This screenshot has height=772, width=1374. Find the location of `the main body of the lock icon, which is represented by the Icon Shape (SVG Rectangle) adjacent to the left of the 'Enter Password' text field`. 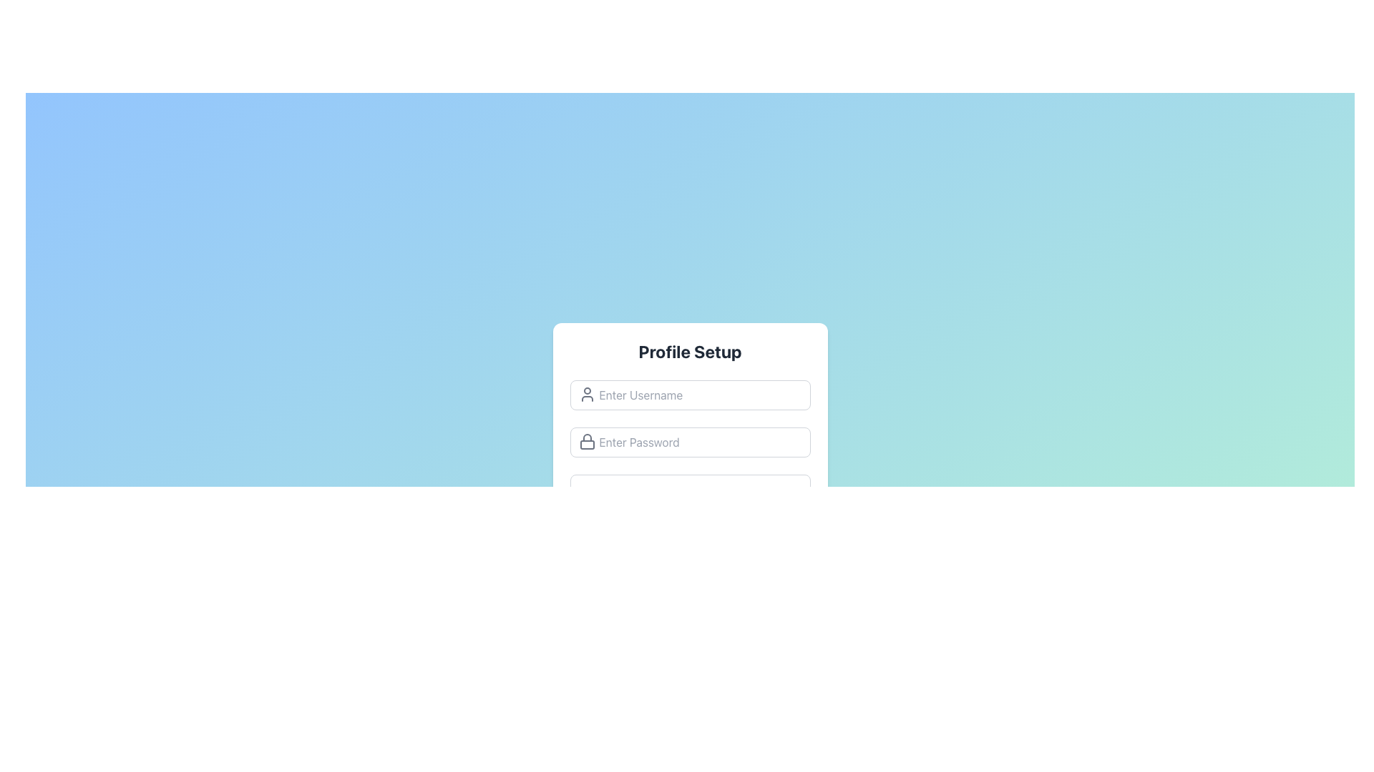

the main body of the lock icon, which is represented by the Icon Shape (SVG Rectangle) adjacent to the left of the 'Enter Password' text field is located at coordinates (587, 444).